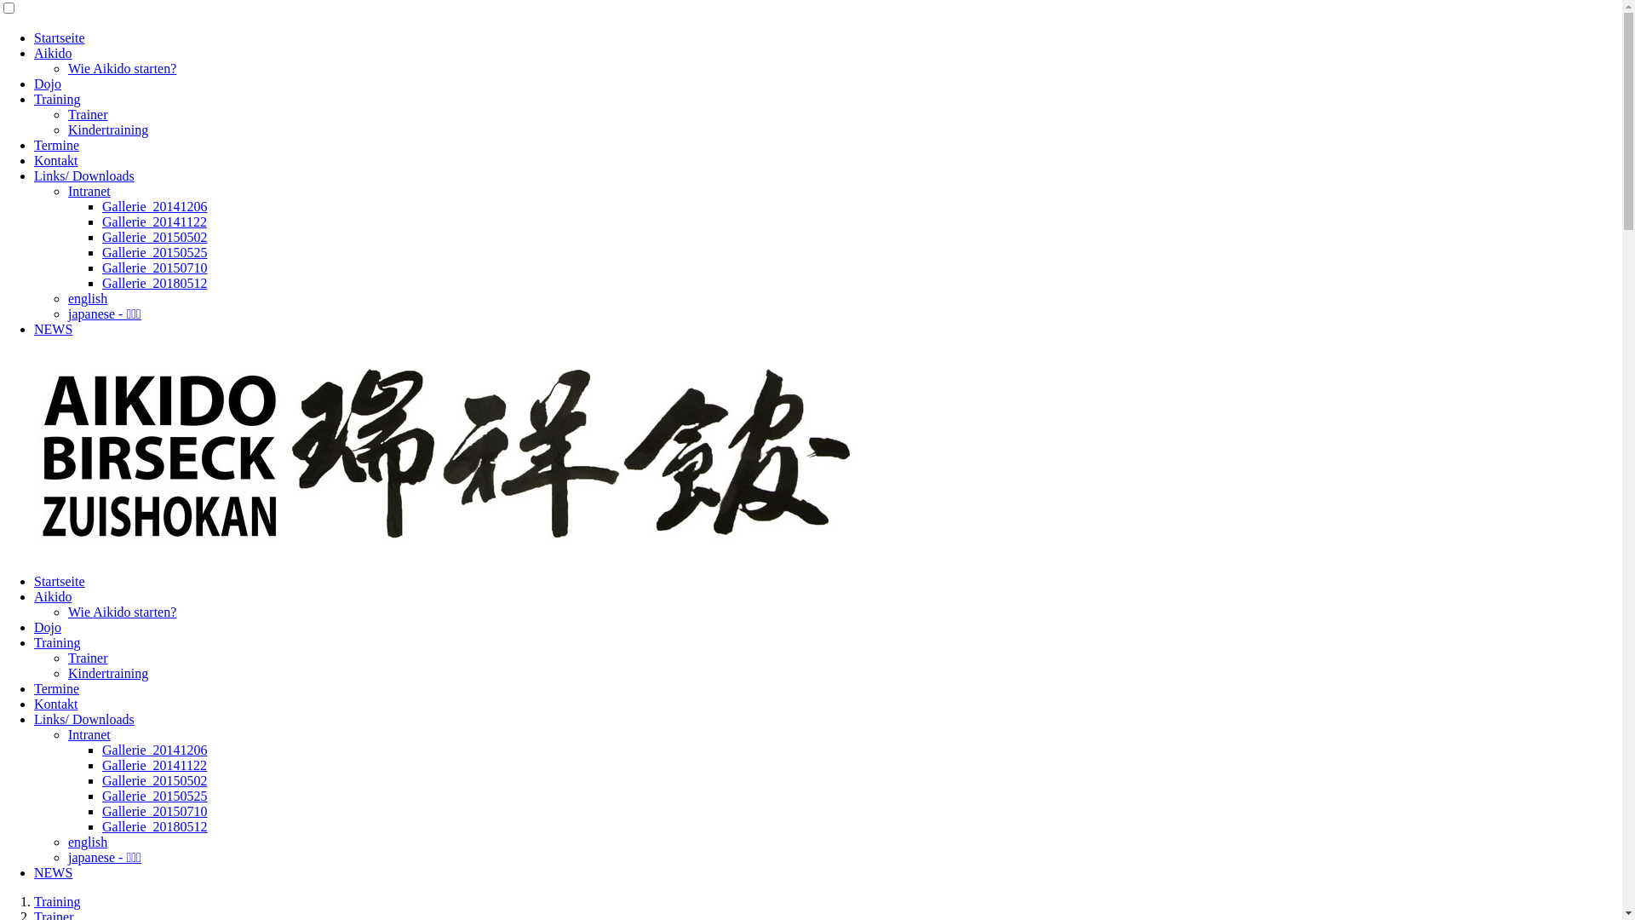 The width and height of the screenshot is (1635, 920). What do you see at coordinates (57, 900) in the screenshot?
I see `'Training'` at bounding box center [57, 900].